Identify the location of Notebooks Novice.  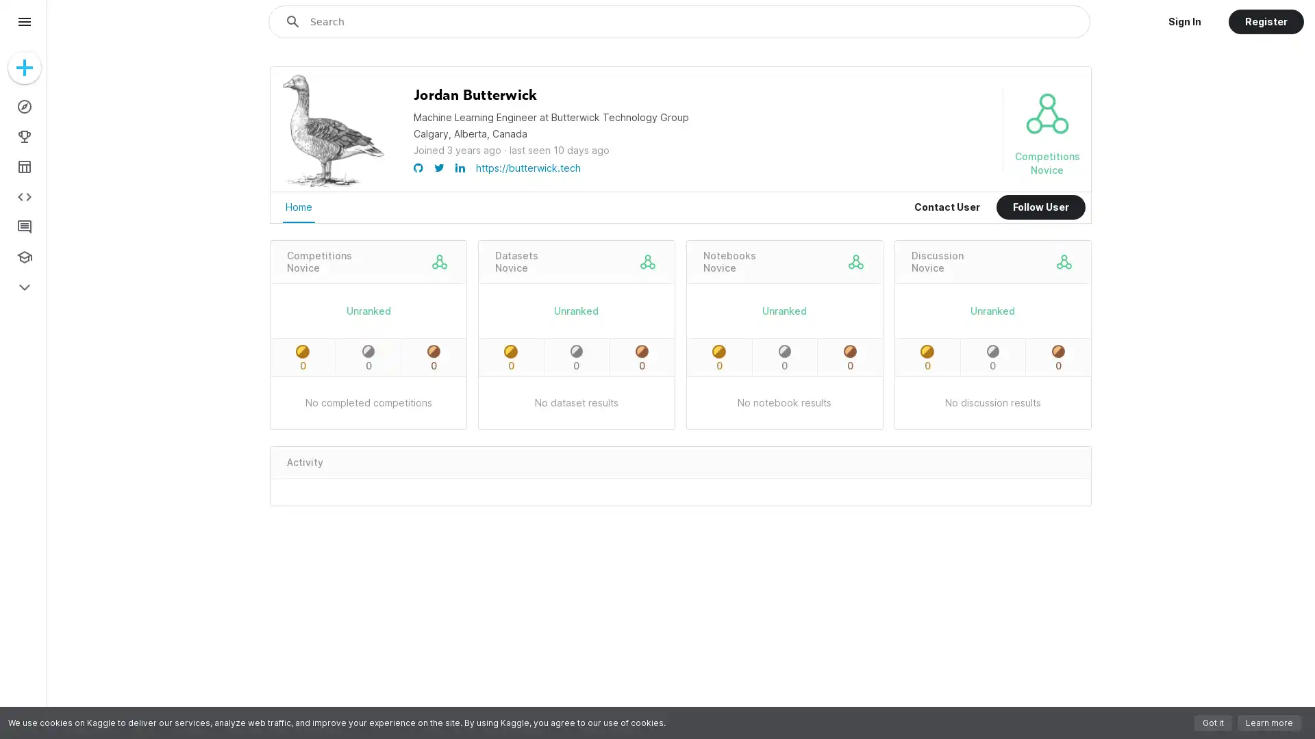
(728, 261).